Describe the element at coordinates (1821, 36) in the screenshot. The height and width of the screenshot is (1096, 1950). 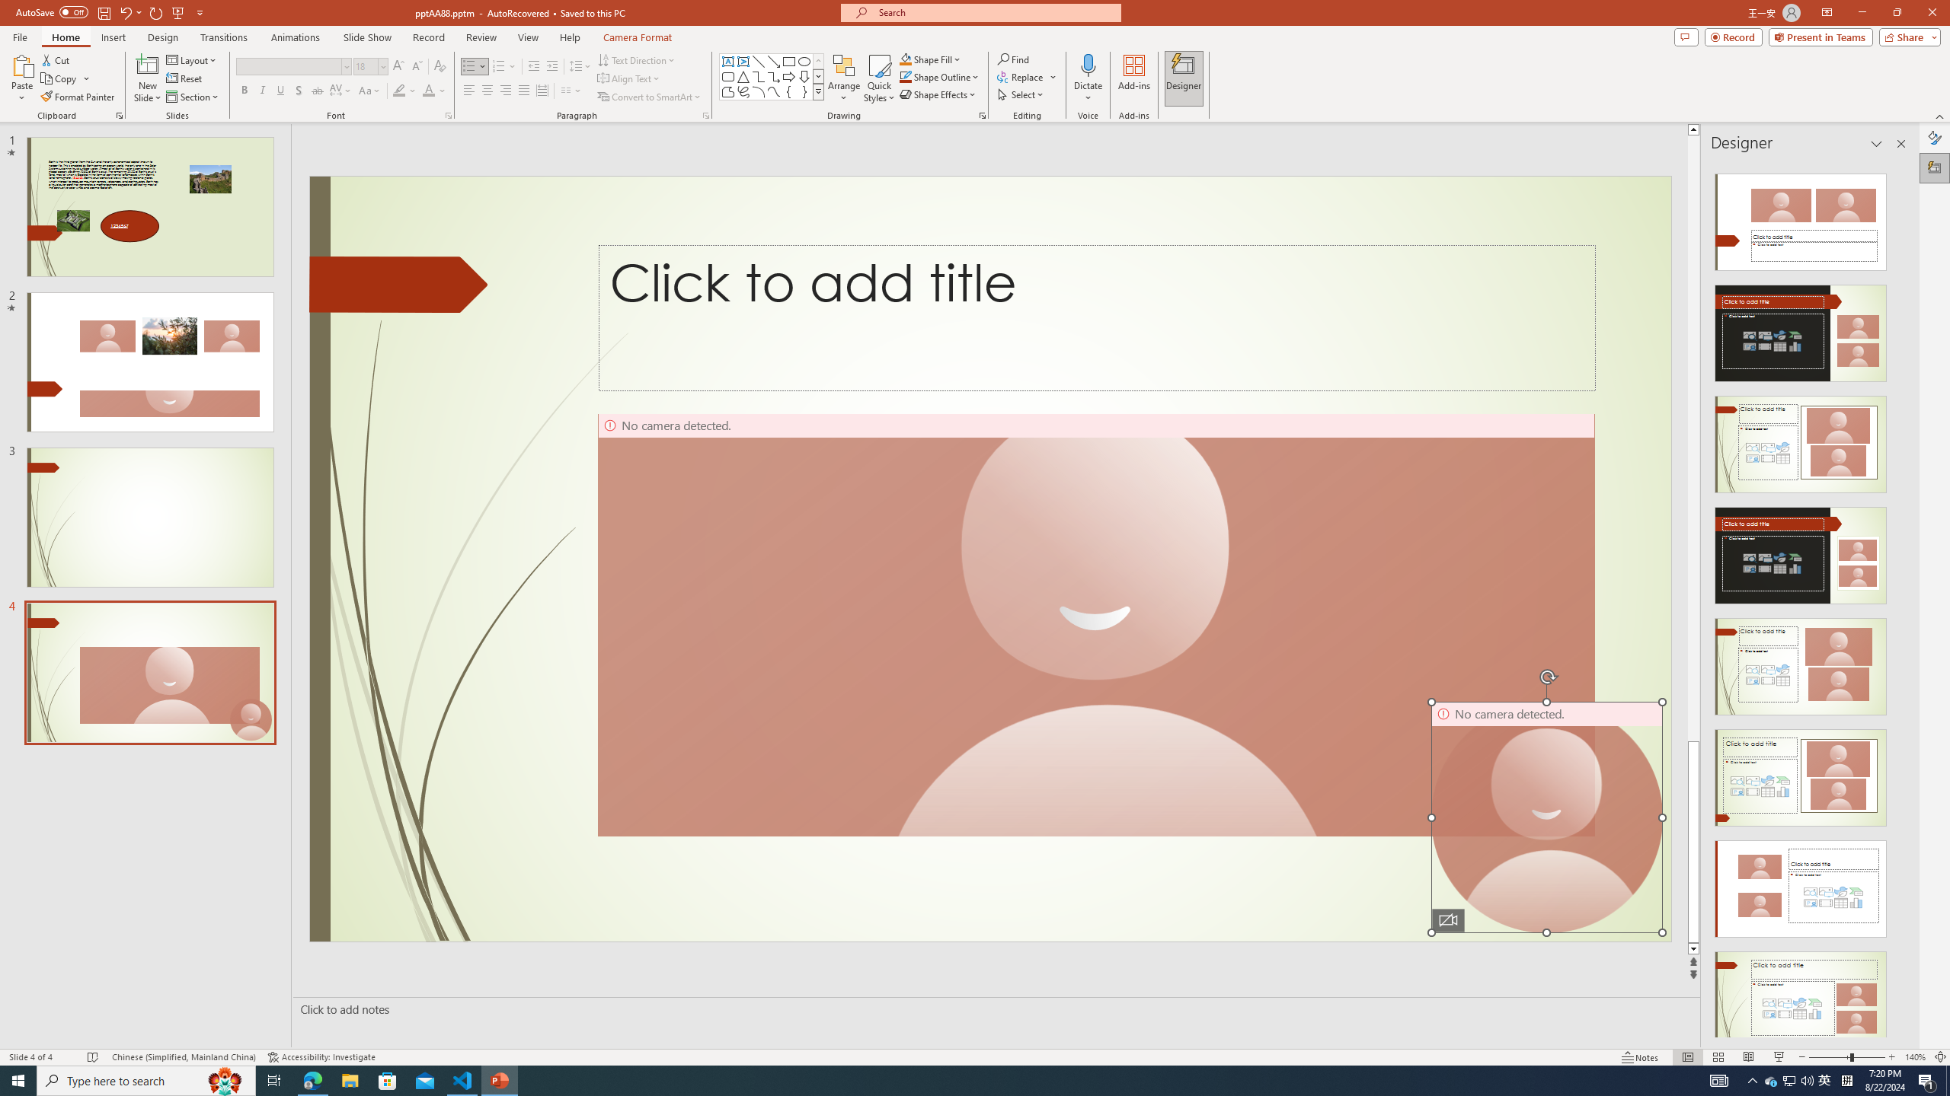
I see `'Present in Teams'` at that location.